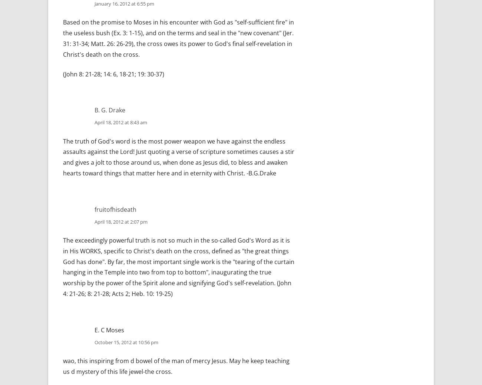 Image resolution: width=482 pixels, height=385 pixels. Describe the element at coordinates (63, 266) in the screenshot. I see `'The exceedingly powerful truth is not so much in the so-called God's Word as it is in His WORKS, specific to Christ's death on the cross, defined as "the great things God has done". By far, the most important single work is the "tearing of the curtain hanging in the Temple into two from top to bottom", inaugurating the true worship by the power of the Spirit alone and signifying God's self-revelation. (John 4: 21-26; 8: 21-28; Acts 2; Heb. 10: 19-25)'` at that location.